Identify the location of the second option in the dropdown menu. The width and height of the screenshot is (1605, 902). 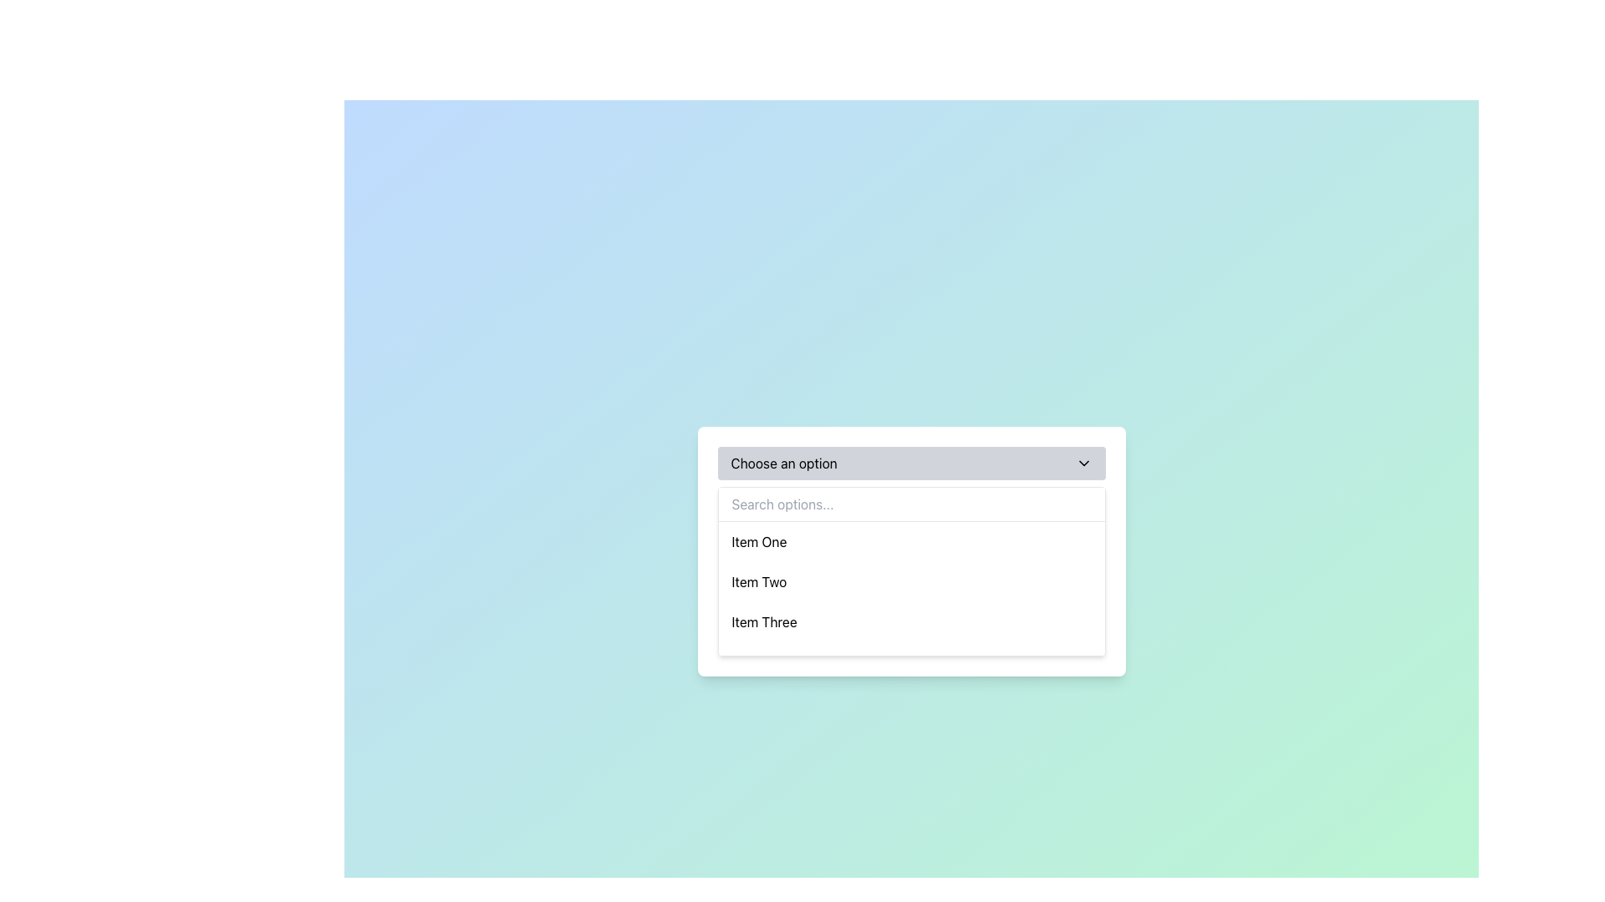
(758, 580).